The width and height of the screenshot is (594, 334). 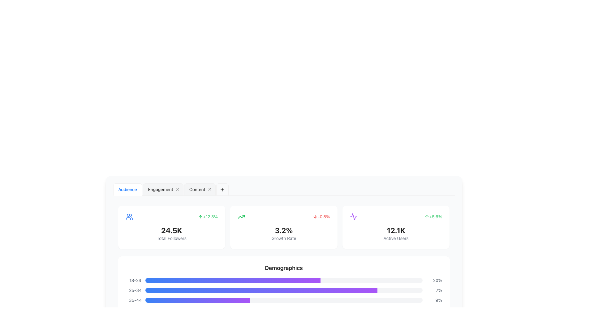 I want to click on the upward trend arrow icon located at the top-right corner of the first card in the second row of cards on the dashboard, so click(x=241, y=216).